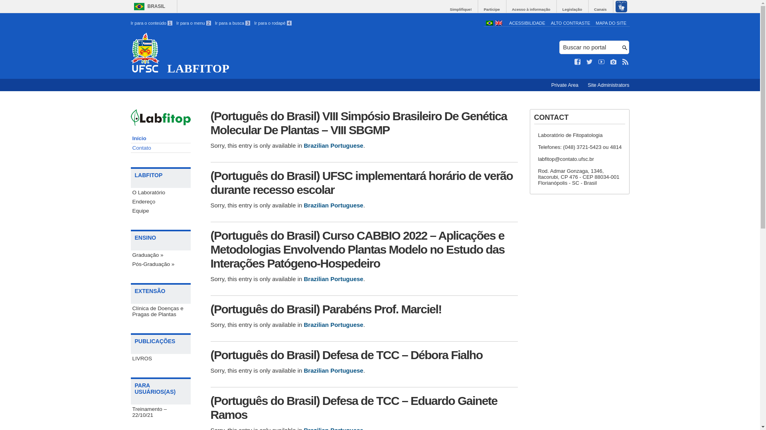  I want to click on 'Curta no Facebook', so click(574, 61).